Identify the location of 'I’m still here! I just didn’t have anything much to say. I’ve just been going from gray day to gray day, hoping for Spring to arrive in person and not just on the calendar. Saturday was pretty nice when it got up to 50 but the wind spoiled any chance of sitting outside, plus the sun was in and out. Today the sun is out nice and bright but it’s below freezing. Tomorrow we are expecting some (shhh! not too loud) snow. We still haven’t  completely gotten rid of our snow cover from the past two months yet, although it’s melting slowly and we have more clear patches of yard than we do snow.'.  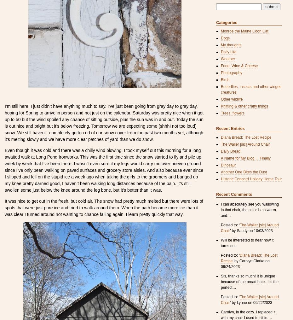
(104, 122).